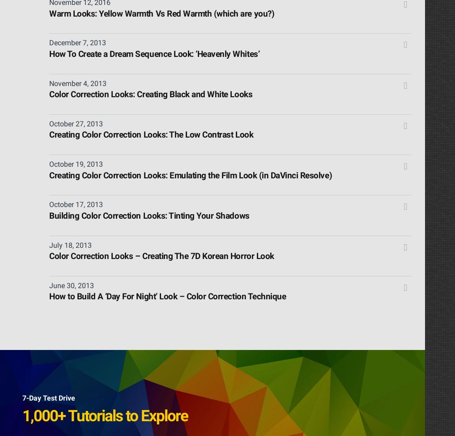  What do you see at coordinates (49, 244) in the screenshot?
I see `'July 18, 2013'` at bounding box center [49, 244].